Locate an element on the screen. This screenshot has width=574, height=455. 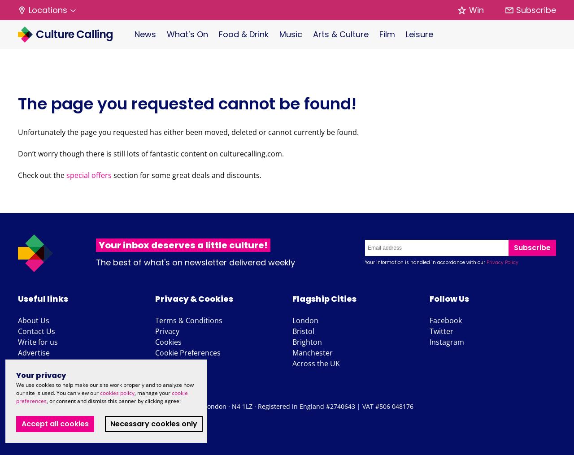
'Accept all cookies' is located at coordinates (55, 424).